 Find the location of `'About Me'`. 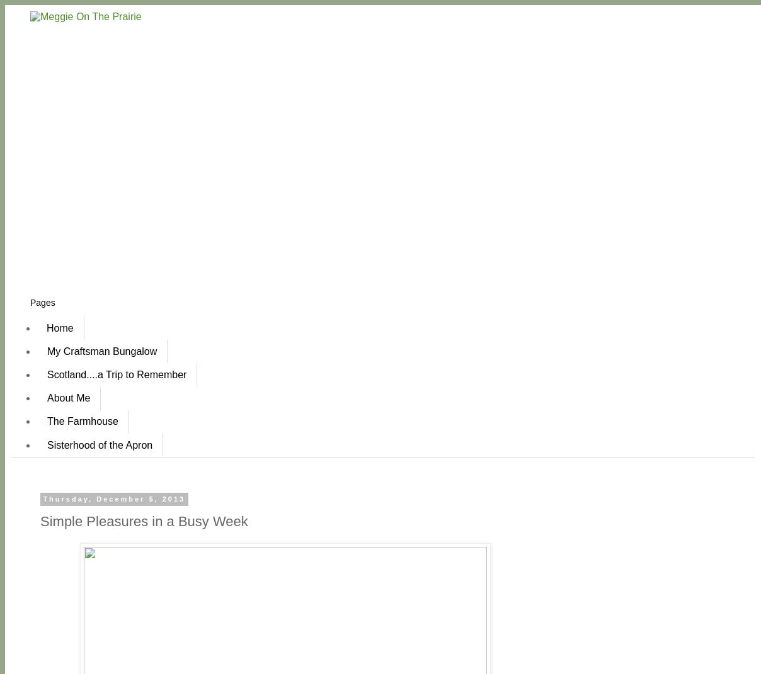

'About Me' is located at coordinates (67, 397).